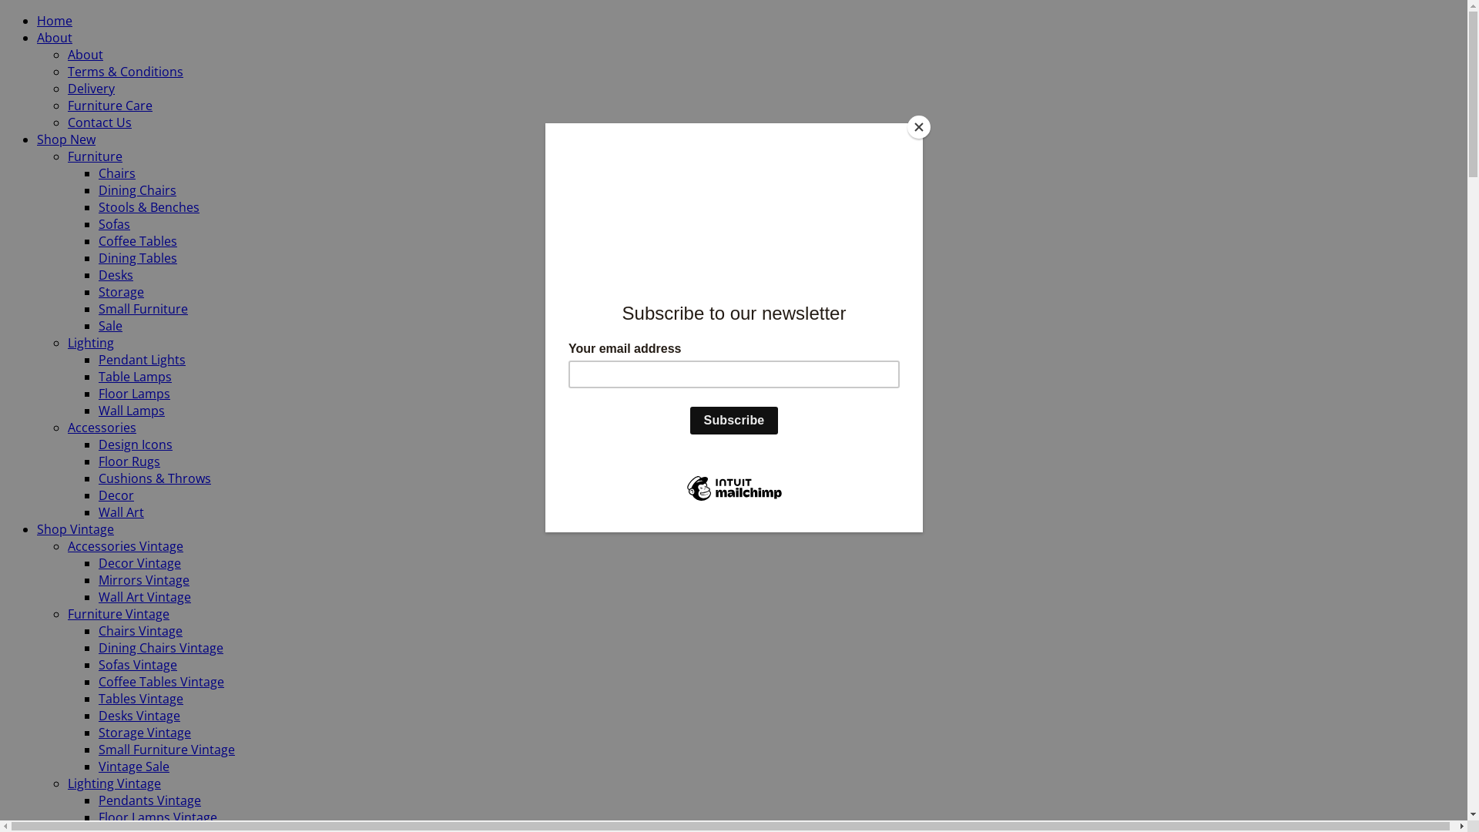  Describe the element at coordinates (149, 206) in the screenshot. I see `'Stools & Benches'` at that location.